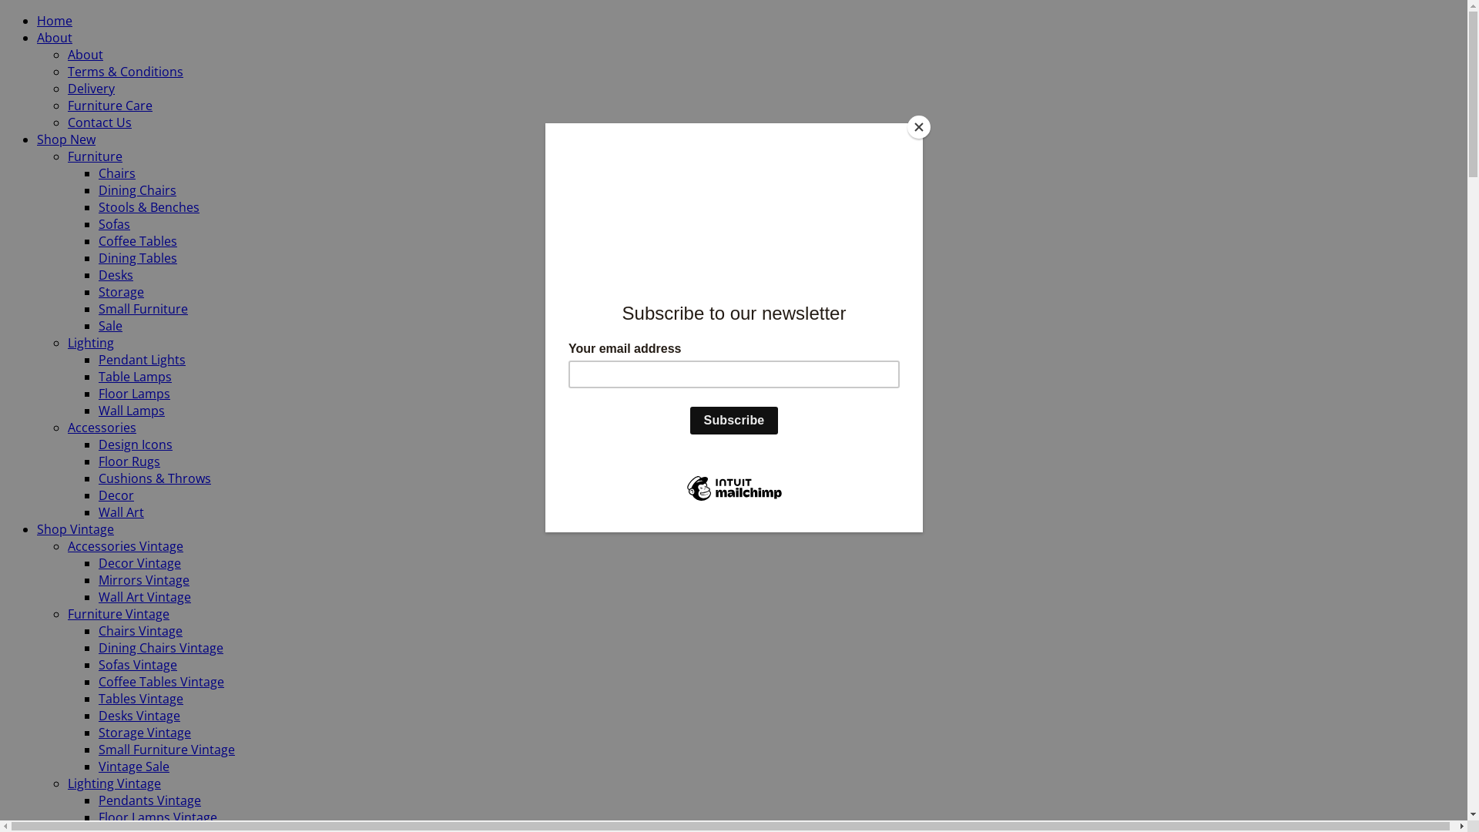  Describe the element at coordinates (149, 206) in the screenshot. I see `'Stools & Benches'` at that location.